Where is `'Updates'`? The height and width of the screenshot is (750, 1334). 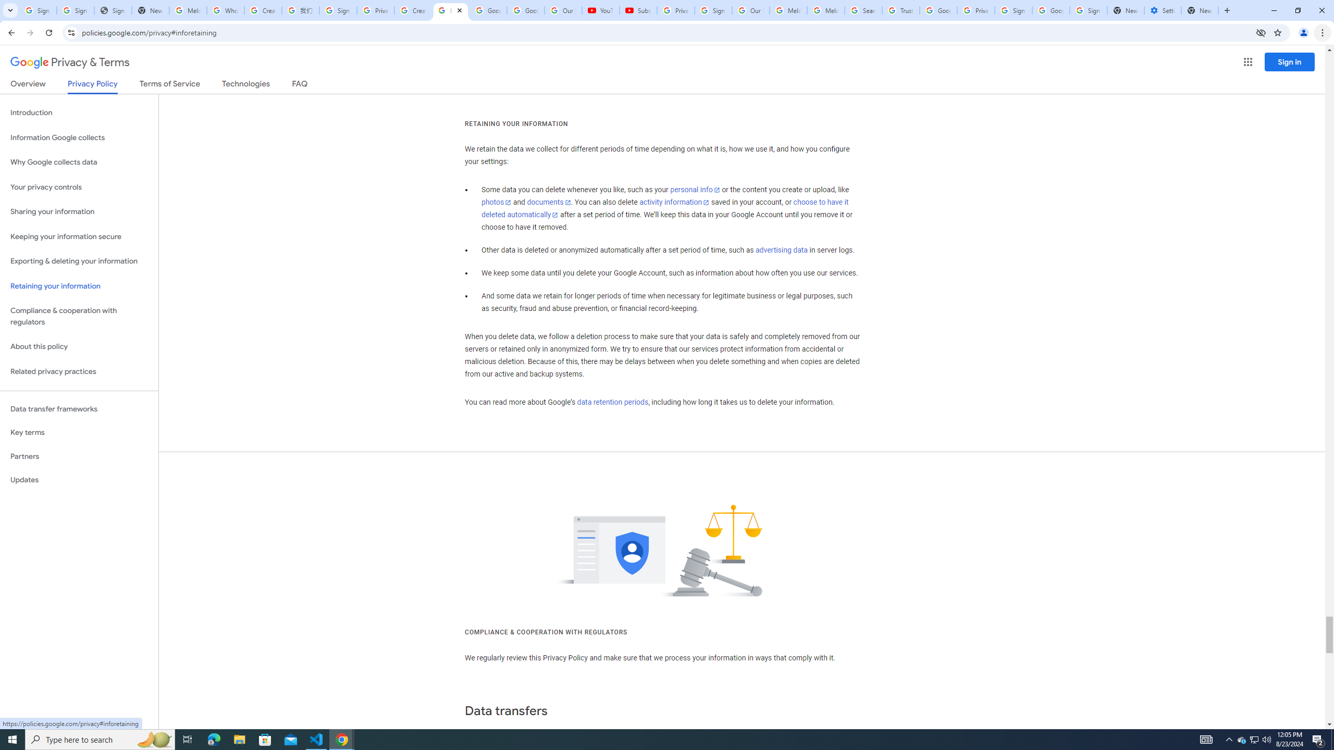
'Updates' is located at coordinates (79, 479).